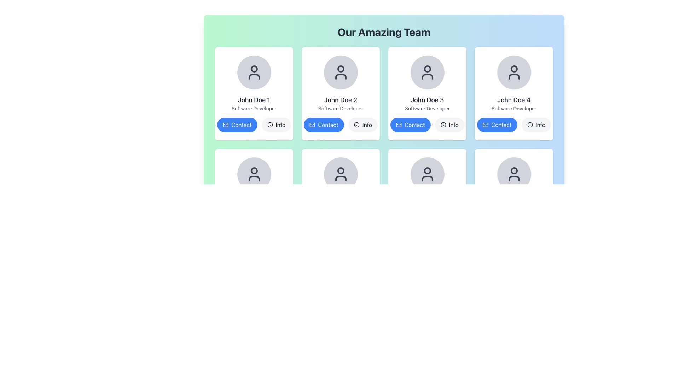 This screenshot has width=679, height=382. I want to click on the contact icon within the blue 'Contact' button located below the card for 'John Doe 4 - Software Developer' in the team grid layout, so click(485, 125).